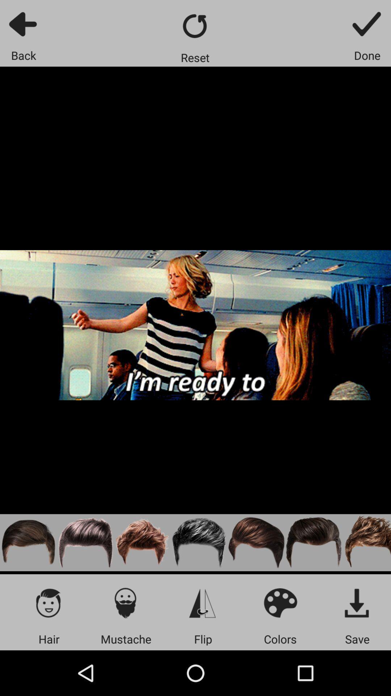  What do you see at coordinates (142, 543) in the screenshot?
I see `third hair style` at bounding box center [142, 543].